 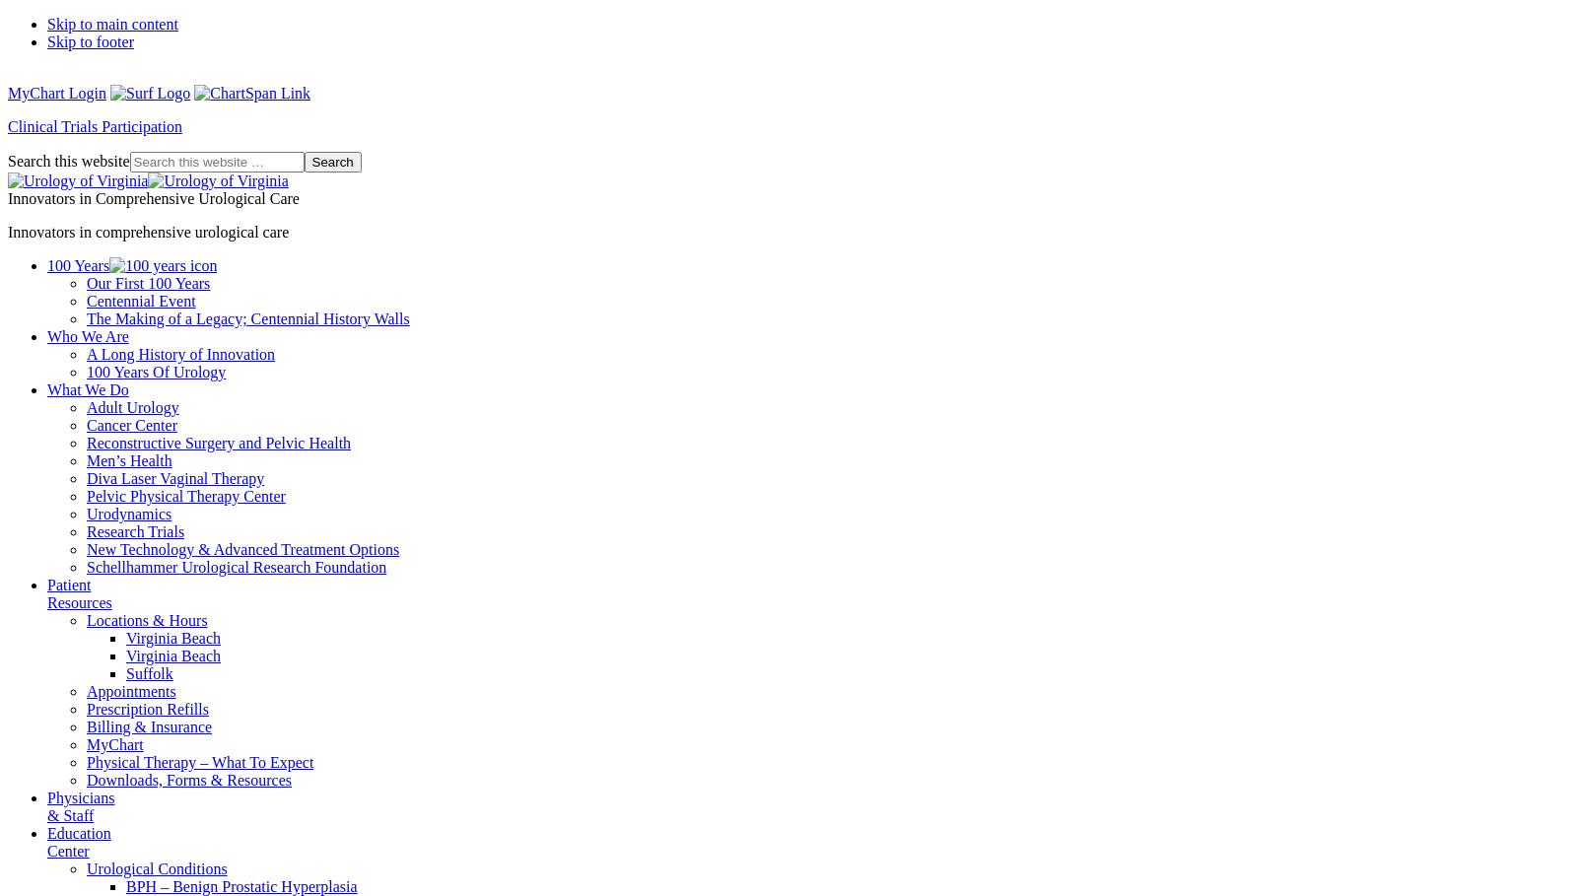 What do you see at coordinates (148, 673) in the screenshot?
I see `'Suffolk'` at bounding box center [148, 673].